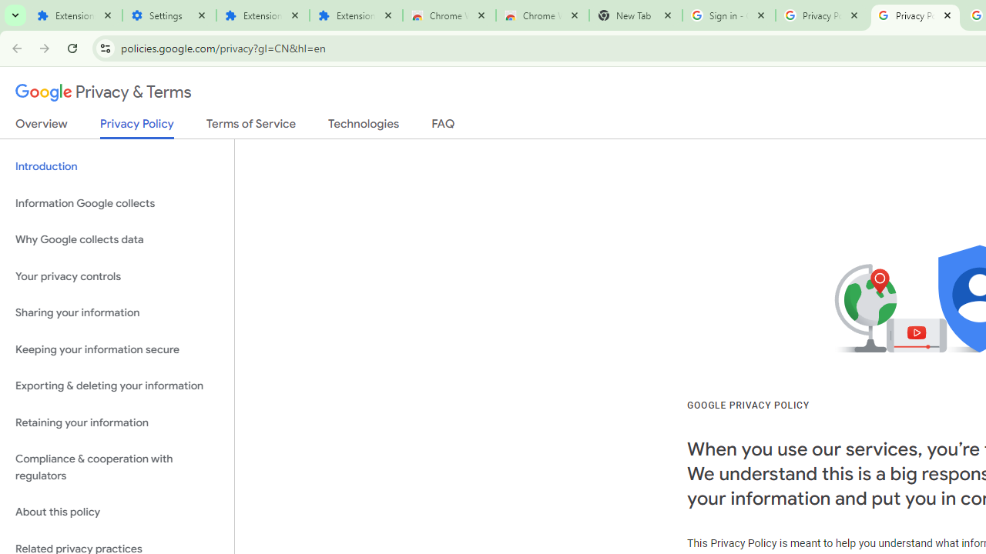  Describe the element at coordinates (103, 92) in the screenshot. I see `'Privacy & Terms'` at that location.